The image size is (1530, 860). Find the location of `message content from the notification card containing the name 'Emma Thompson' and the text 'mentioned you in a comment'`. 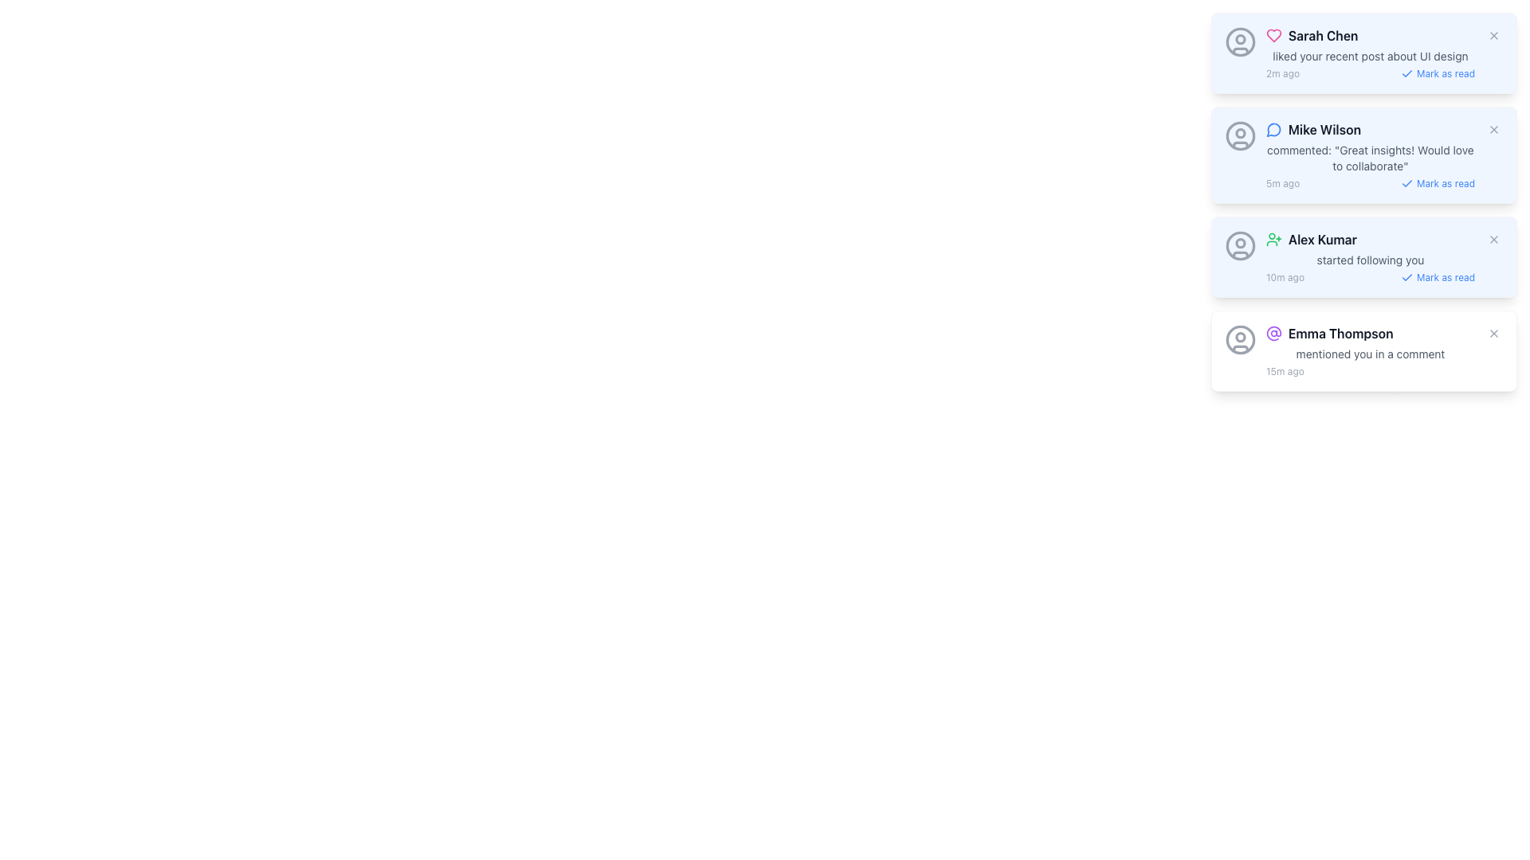

message content from the notification card containing the name 'Emma Thompson' and the text 'mentioned you in a comment' is located at coordinates (1363, 350).